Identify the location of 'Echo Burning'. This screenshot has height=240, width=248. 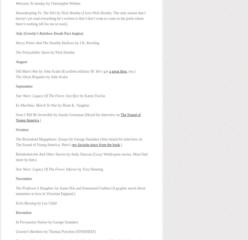
(26, 203).